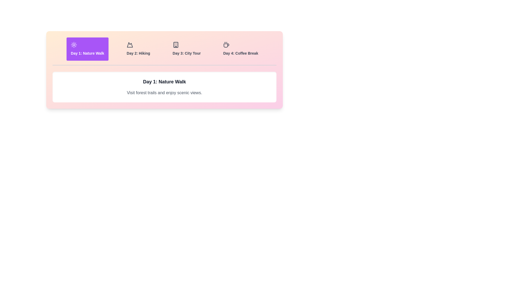  What do you see at coordinates (241, 49) in the screenshot?
I see `the tab corresponding to Day 4: Coffee Break` at bounding box center [241, 49].